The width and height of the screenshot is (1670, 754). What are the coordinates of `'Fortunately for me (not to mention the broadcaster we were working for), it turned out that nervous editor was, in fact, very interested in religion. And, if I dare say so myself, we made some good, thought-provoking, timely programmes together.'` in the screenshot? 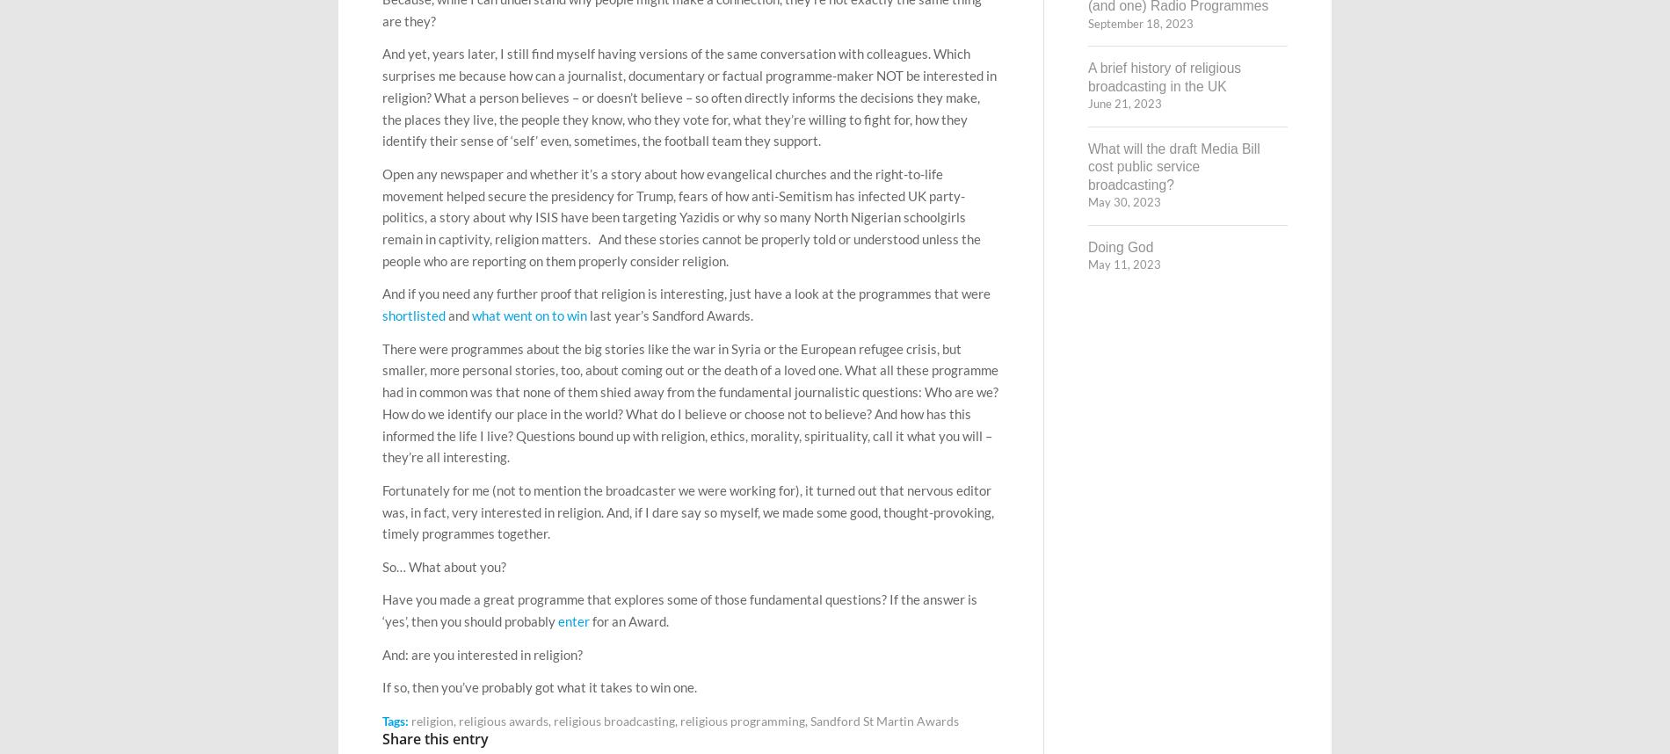 It's located at (686, 510).